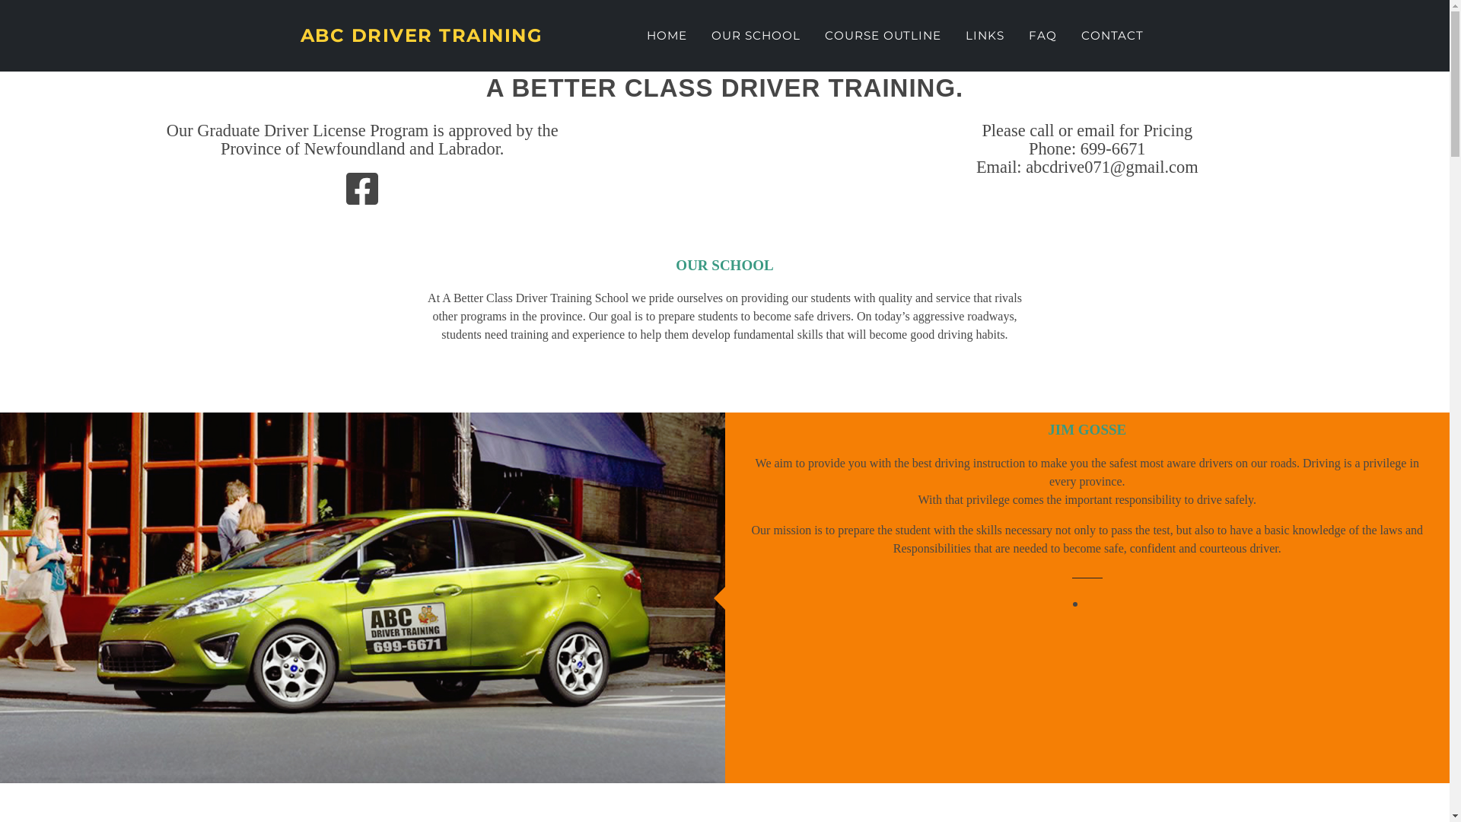 The height and width of the screenshot is (822, 1461). Describe the element at coordinates (985, 35) in the screenshot. I see `'LINKS'` at that location.